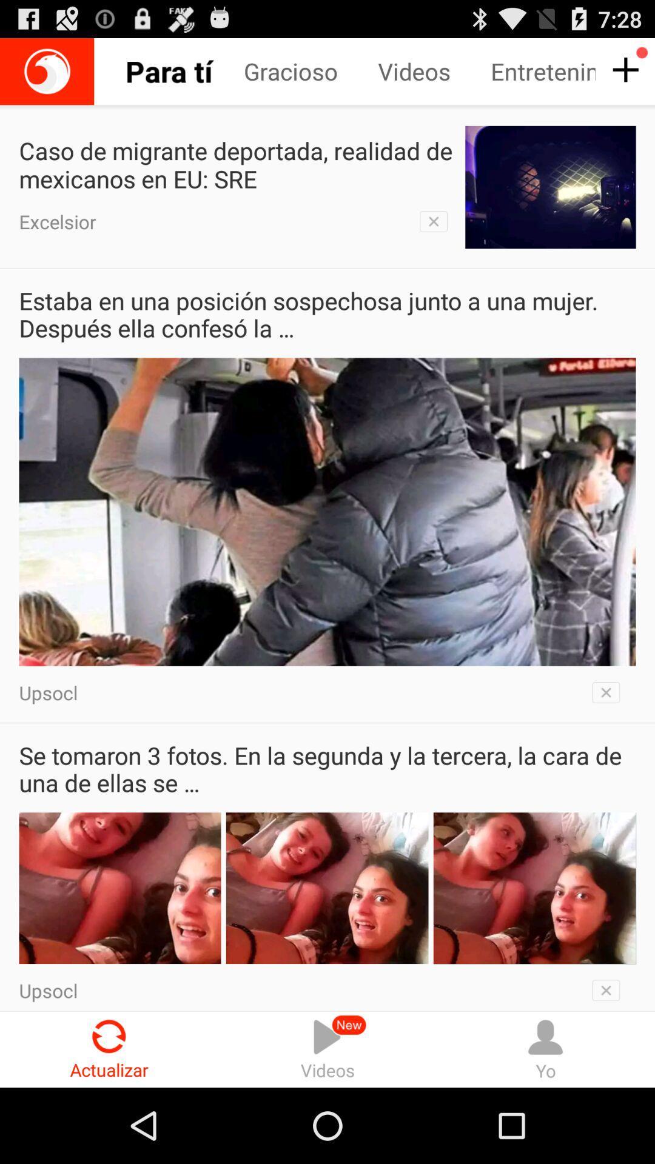 The image size is (655, 1164). What do you see at coordinates (623, 70) in the screenshot?
I see `button` at bounding box center [623, 70].